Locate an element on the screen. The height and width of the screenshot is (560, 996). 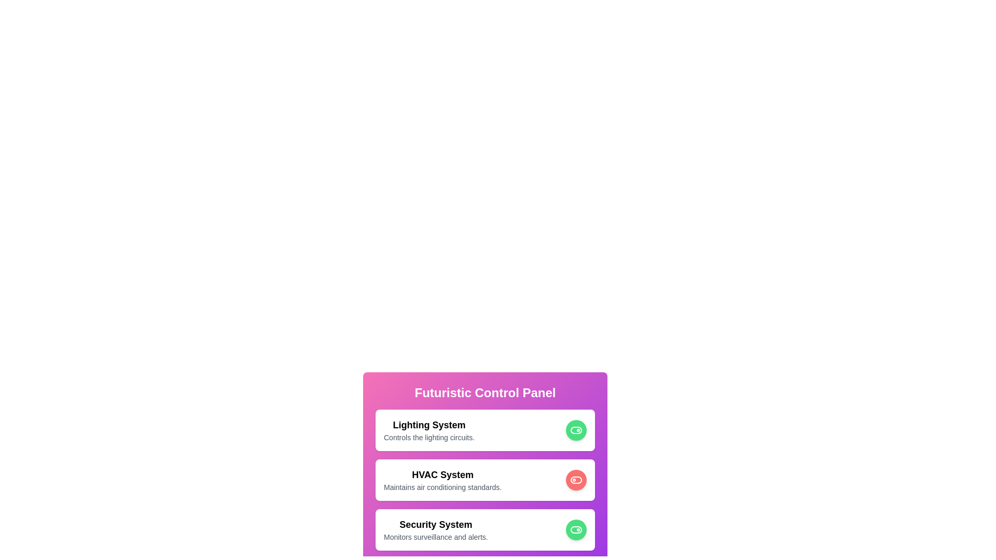
the text of the control system to read its description is located at coordinates (428, 430).